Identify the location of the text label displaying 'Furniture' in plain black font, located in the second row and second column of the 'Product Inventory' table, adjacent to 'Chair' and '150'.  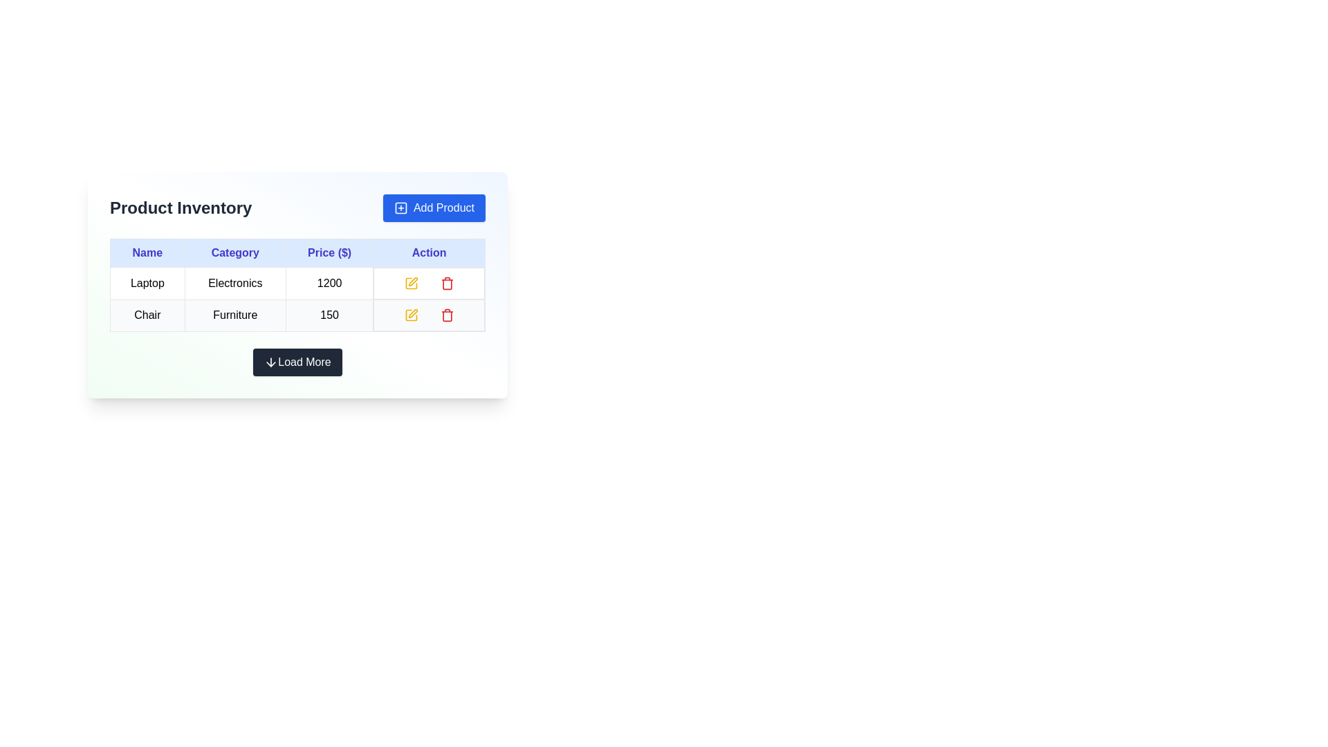
(235, 315).